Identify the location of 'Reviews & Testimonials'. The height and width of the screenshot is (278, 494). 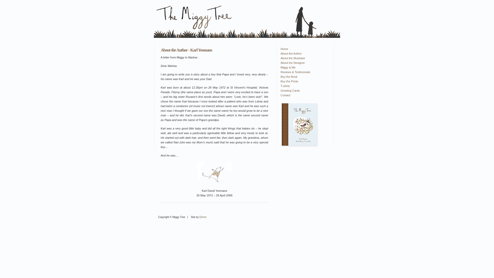
(304, 72).